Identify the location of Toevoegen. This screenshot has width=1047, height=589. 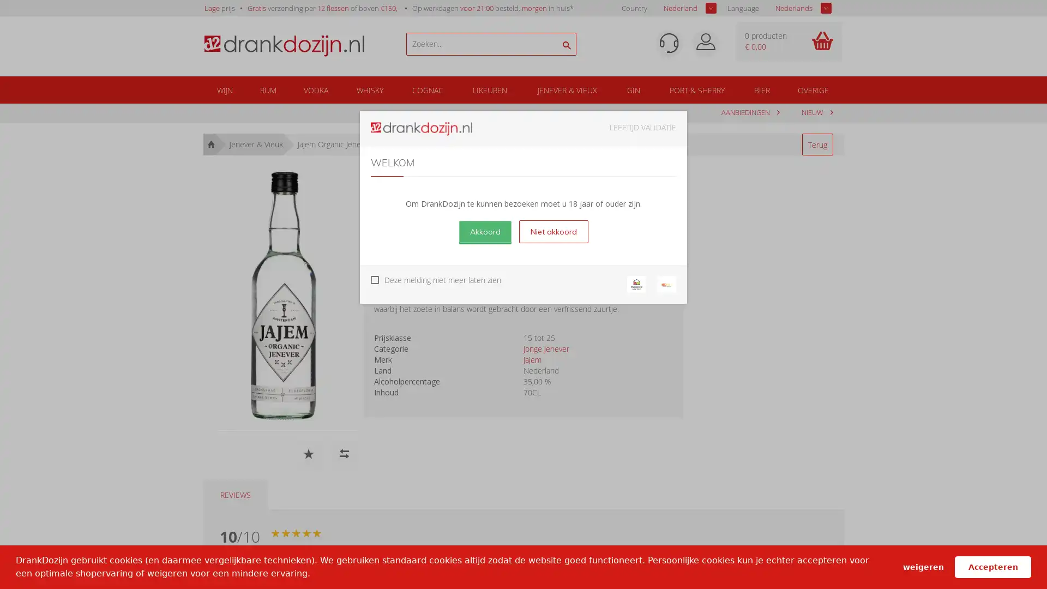
(625, 235).